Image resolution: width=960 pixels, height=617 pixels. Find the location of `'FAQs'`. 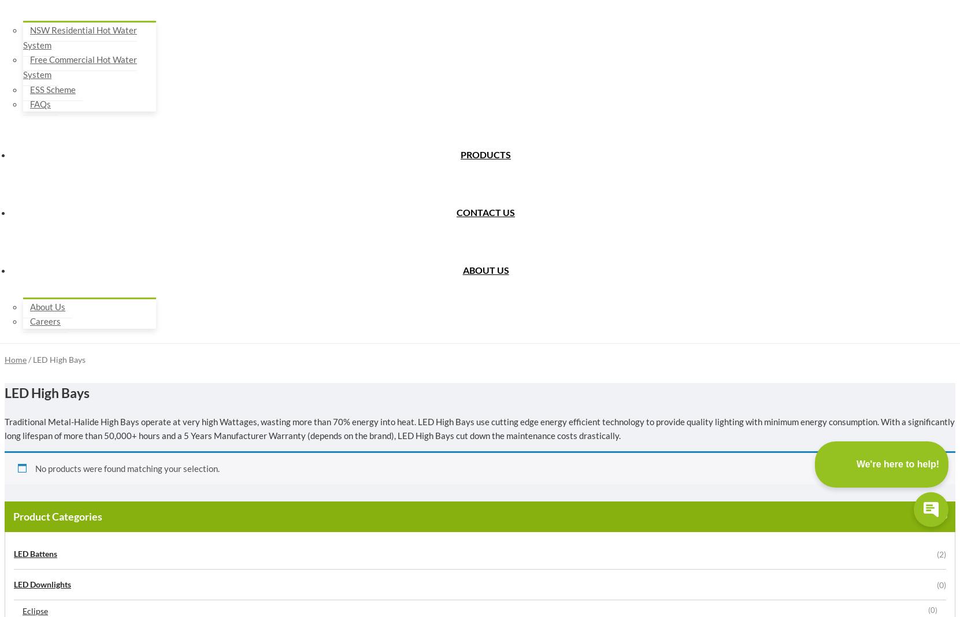

'FAQs' is located at coordinates (39, 105).